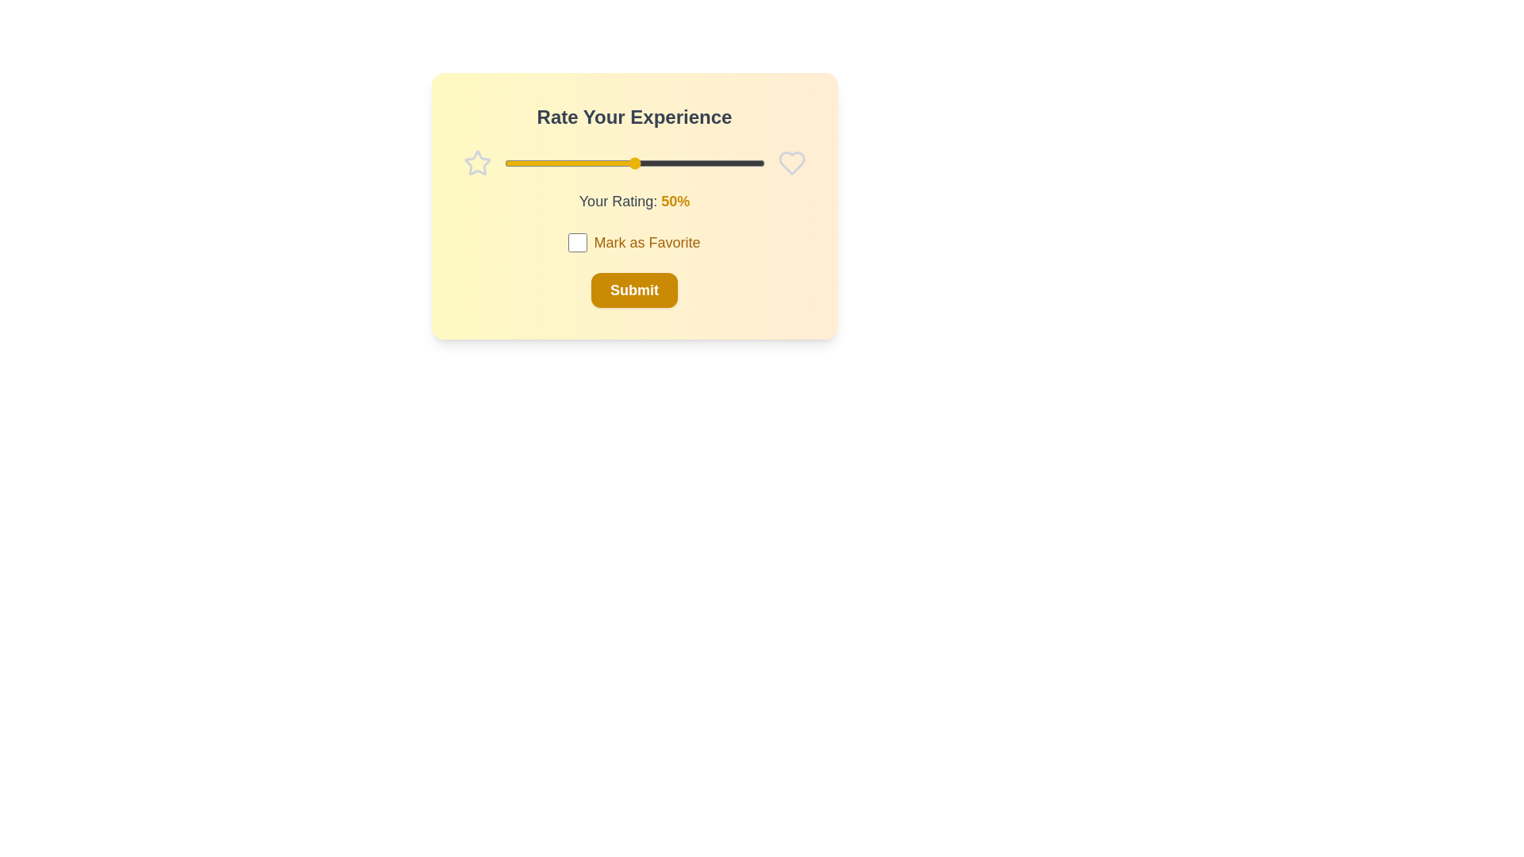  Describe the element at coordinates (577, 242) in the screenshot. I see `the checkbox to toggle the 'Mark as Favorite' option` at that location.